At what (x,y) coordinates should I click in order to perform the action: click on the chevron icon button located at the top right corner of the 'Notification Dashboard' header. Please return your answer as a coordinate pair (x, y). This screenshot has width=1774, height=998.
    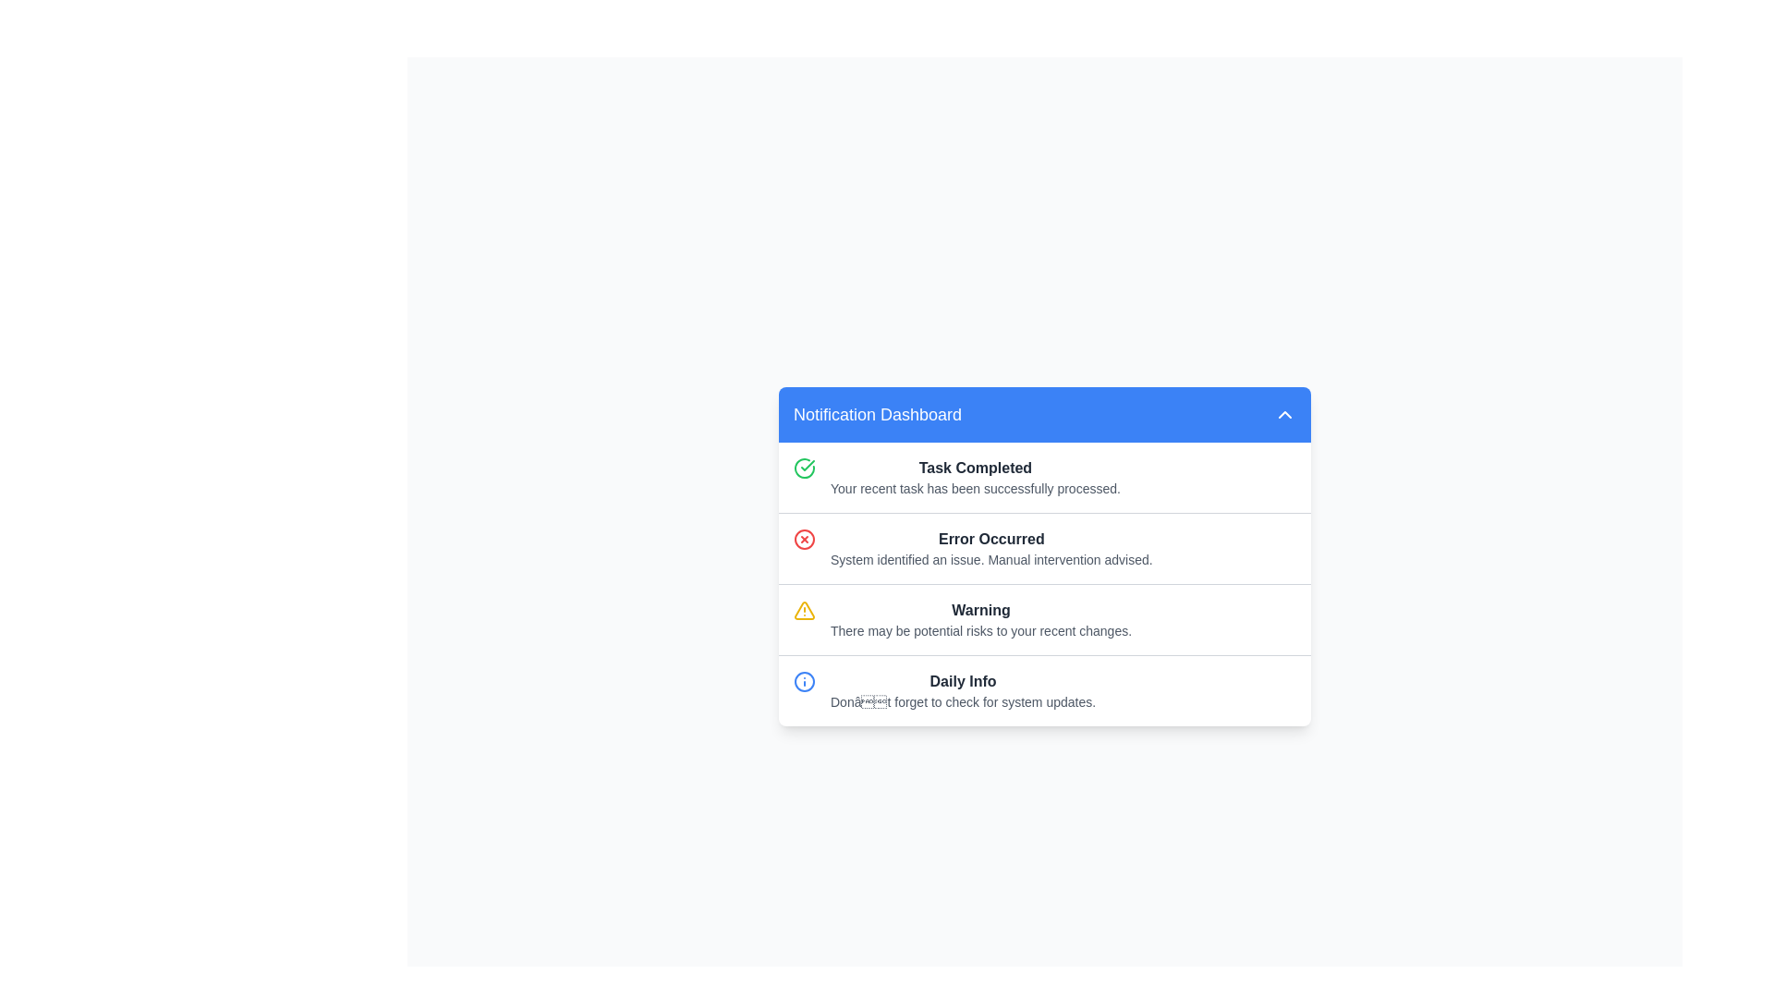
    Looking at the image, I should click on (1284, 412).